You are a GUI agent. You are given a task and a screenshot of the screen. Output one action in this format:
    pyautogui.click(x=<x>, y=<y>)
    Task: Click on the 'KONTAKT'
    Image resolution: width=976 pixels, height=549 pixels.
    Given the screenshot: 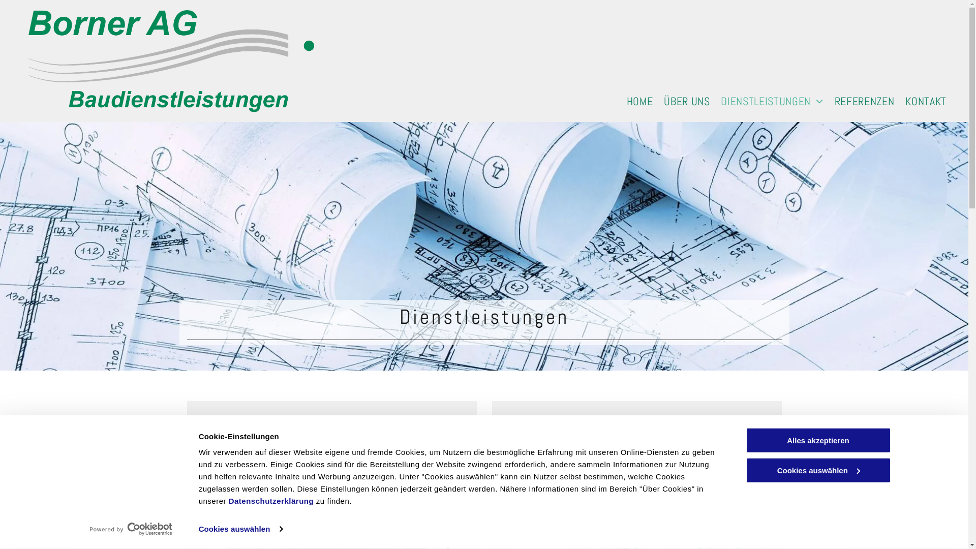 What is the action you would take?
    pyautogui.click(x=900, y=101)
    